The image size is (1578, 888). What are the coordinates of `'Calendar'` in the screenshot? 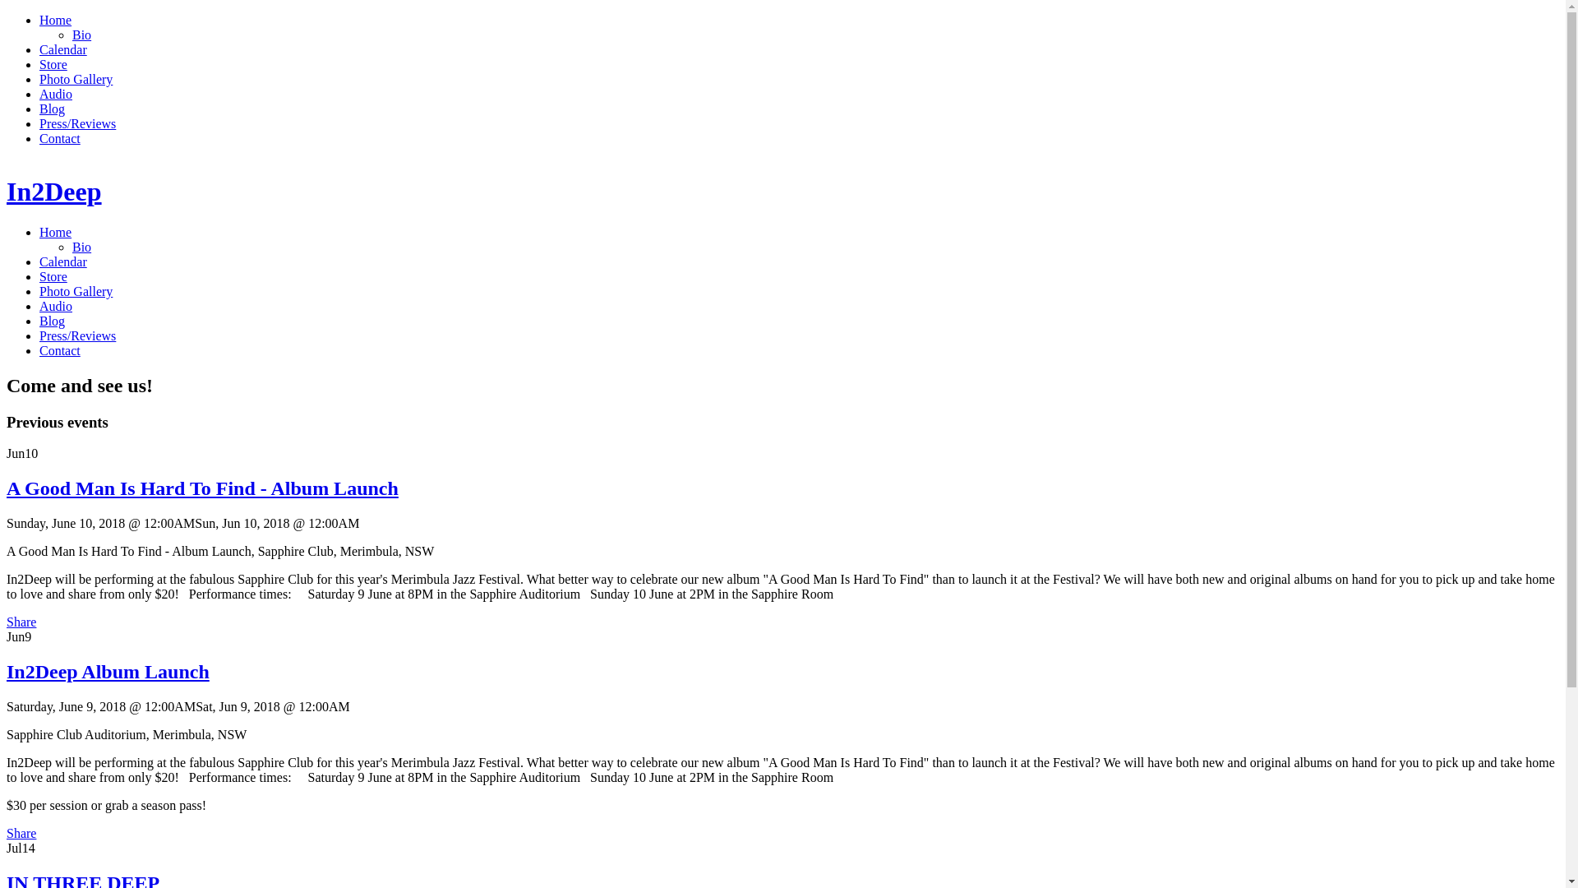 It's located at (62, 49).